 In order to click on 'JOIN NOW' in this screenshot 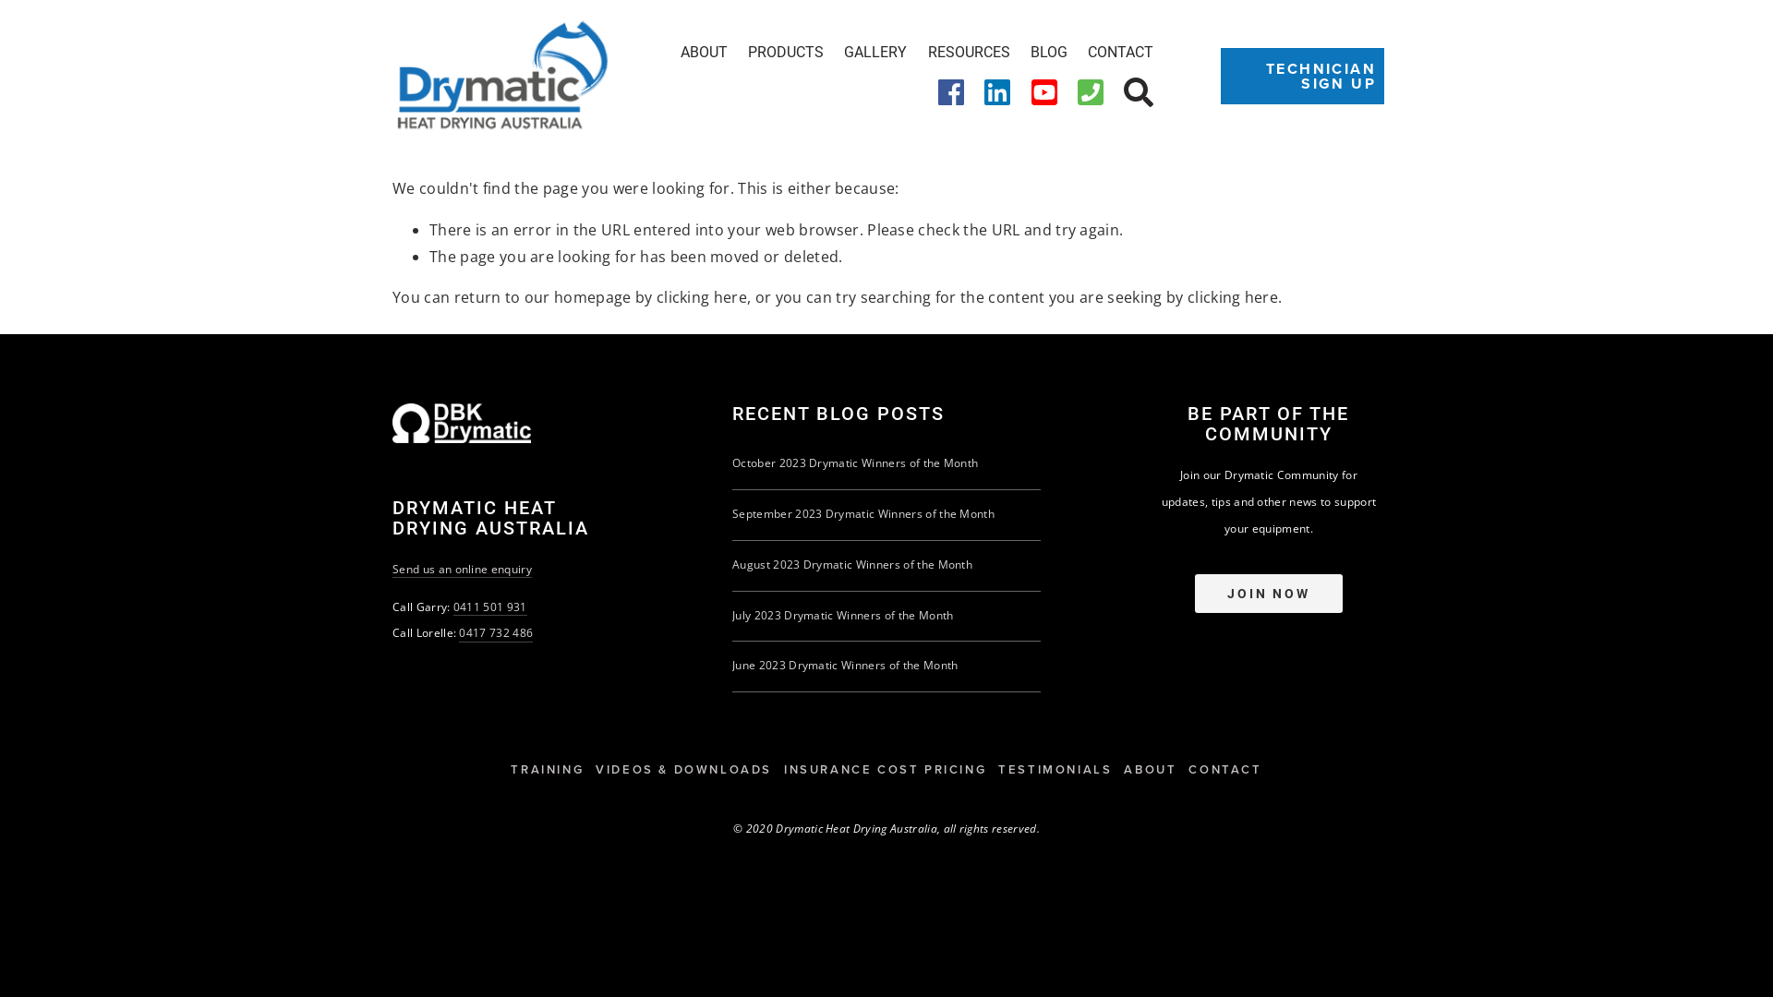, I will do `click(1195, 594)`.